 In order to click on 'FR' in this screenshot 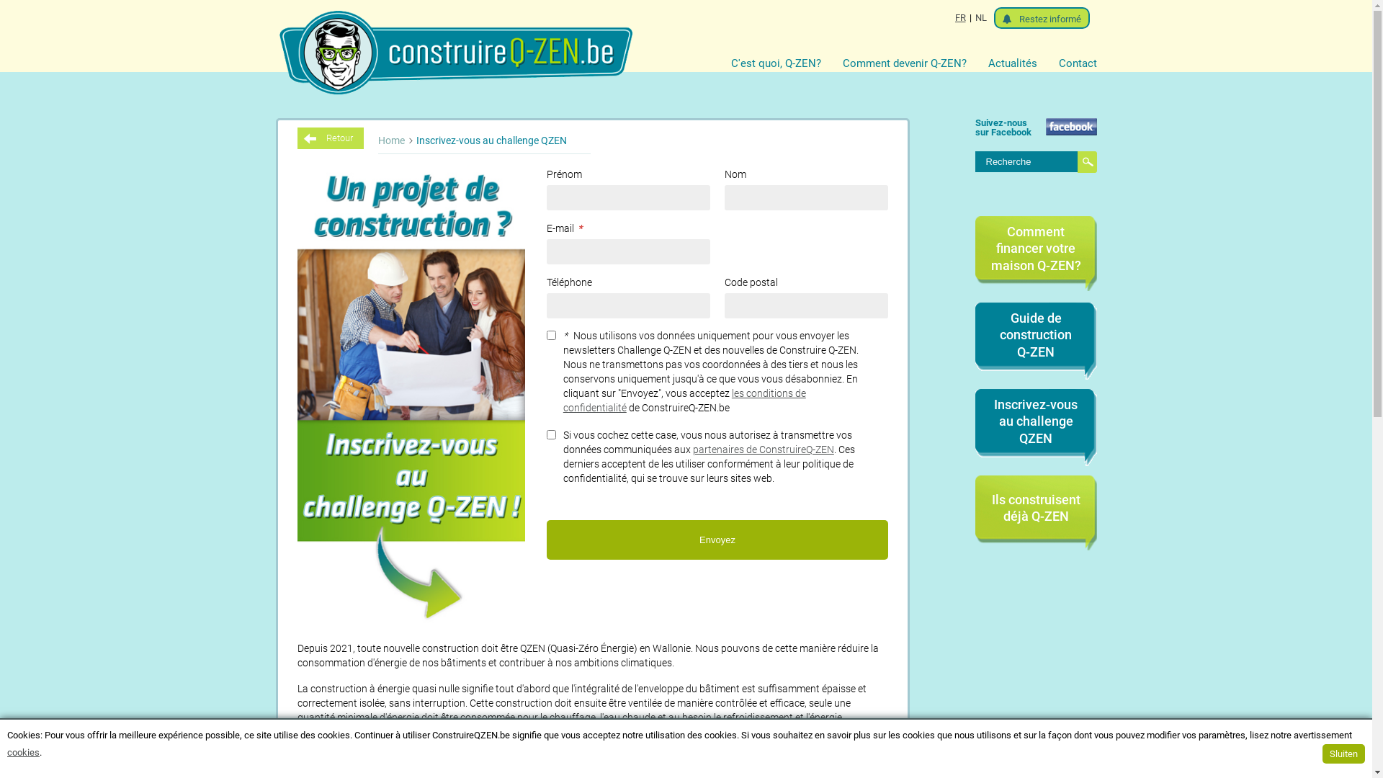, I will do `click(960, 17)`.